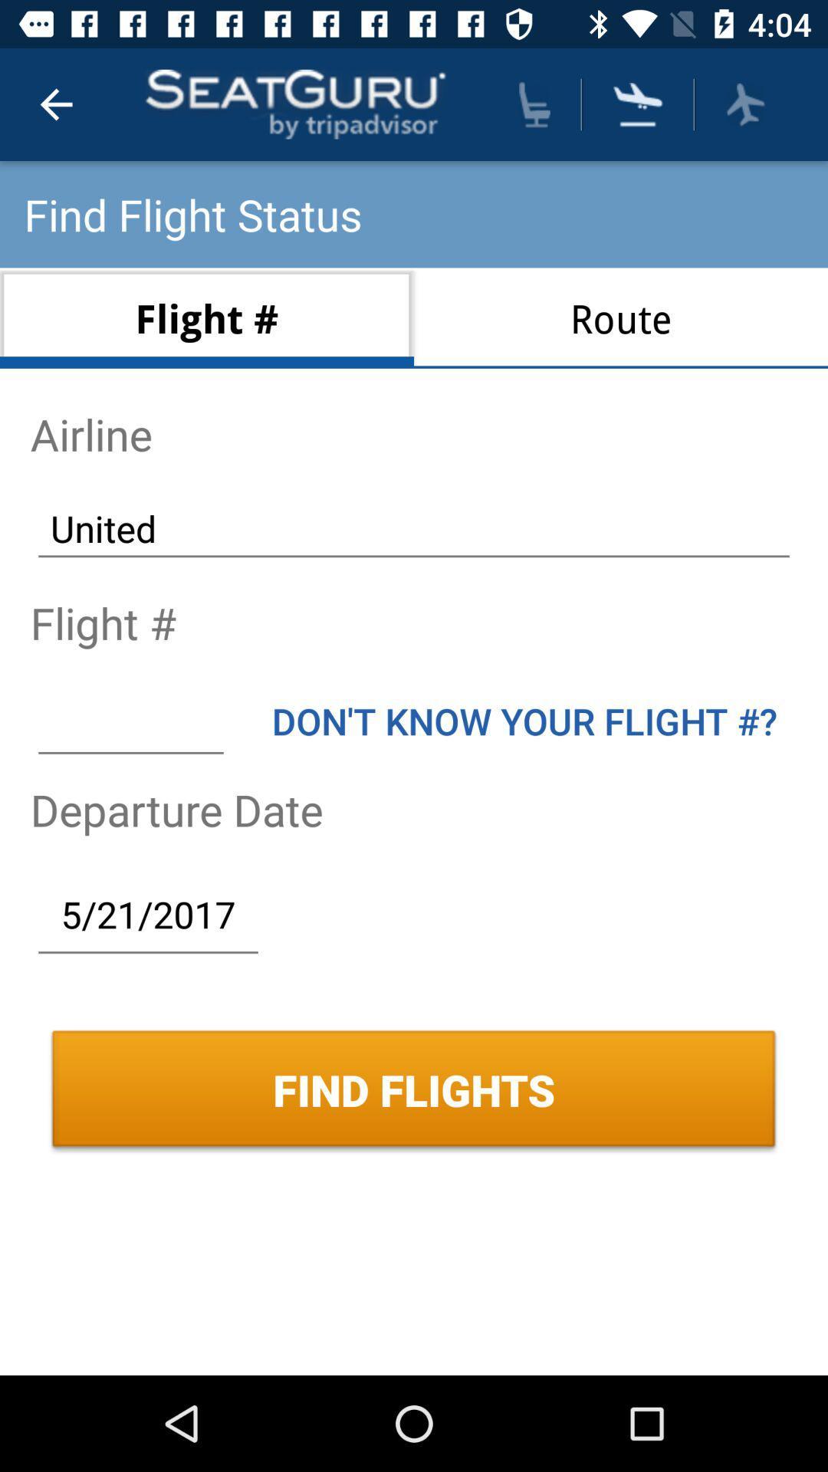 The width and height of the screenshot is (828, 1472). Describe the element at coordinates (130, 720) in the screenshot. I see `fill in info` at that location.